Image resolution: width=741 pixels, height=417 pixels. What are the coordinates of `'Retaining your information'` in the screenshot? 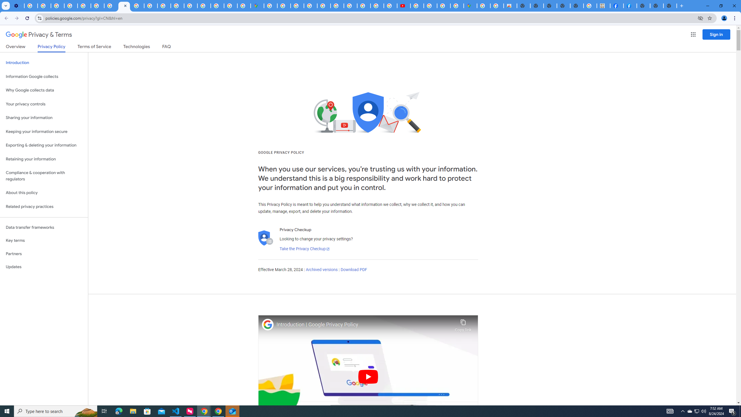 It's located at (44, 159).